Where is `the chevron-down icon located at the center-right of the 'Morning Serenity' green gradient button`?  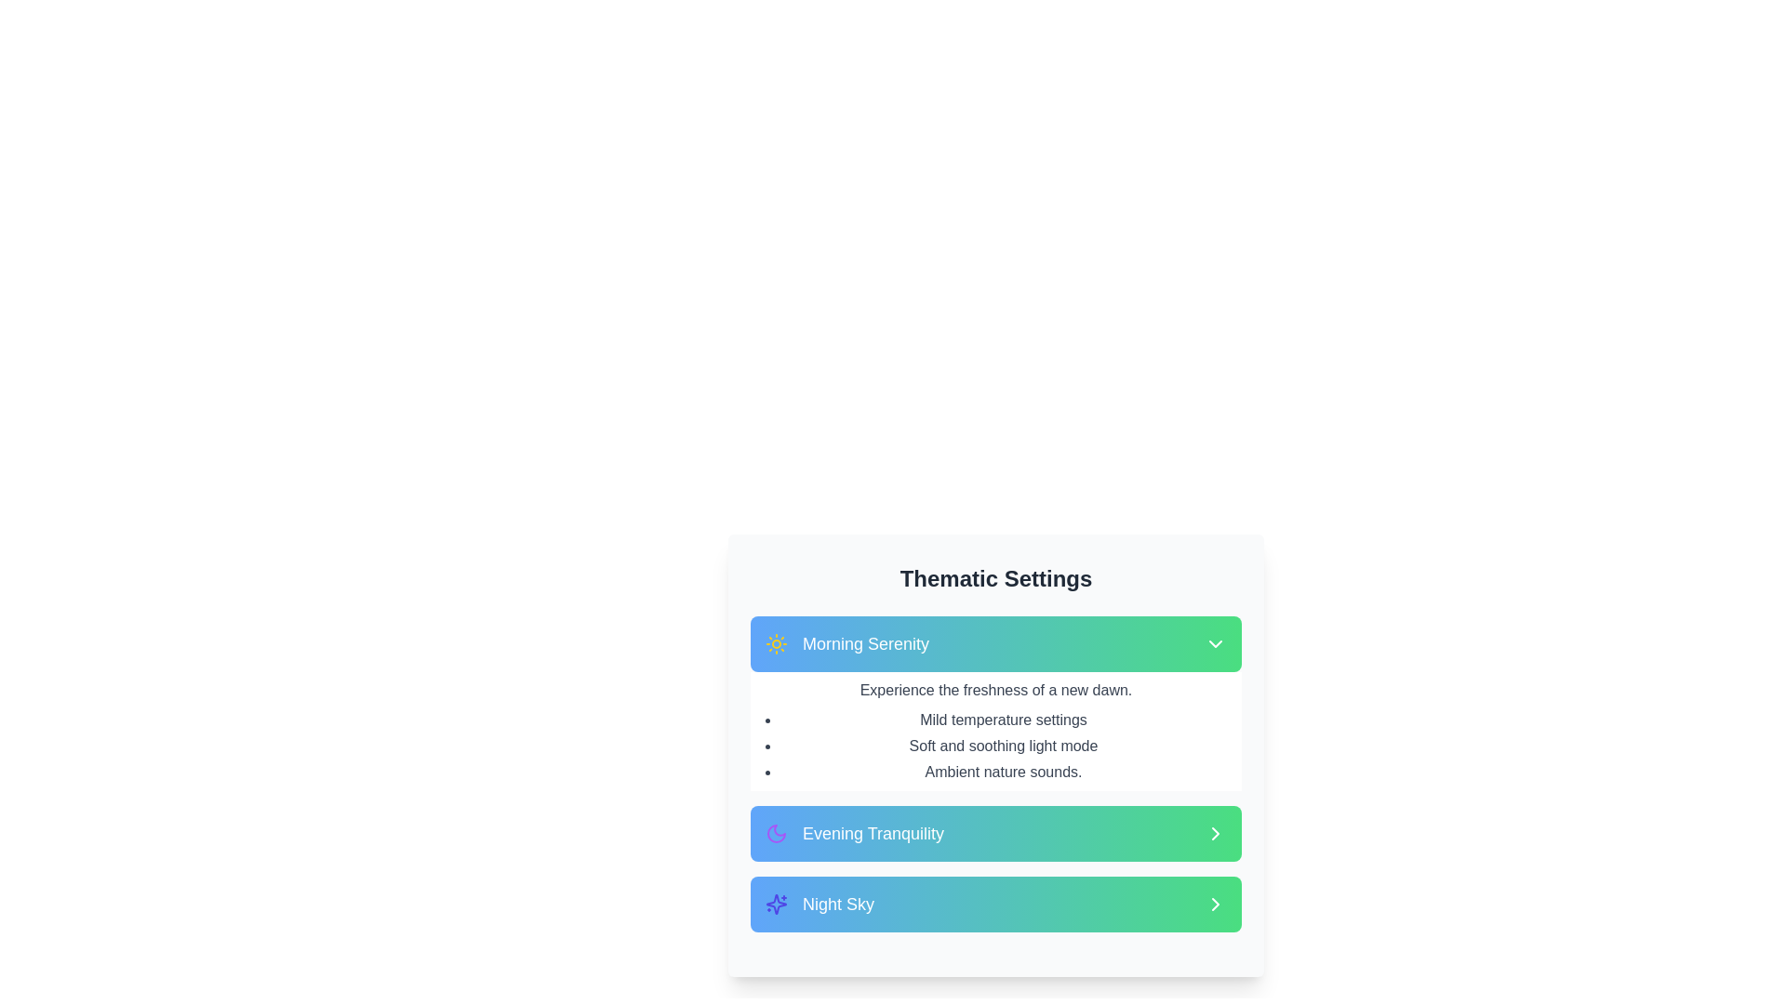 the chevron-down icon located at the center-right of the 'Morning Serenity' green gradient button is located at coordinates (1215, 643).